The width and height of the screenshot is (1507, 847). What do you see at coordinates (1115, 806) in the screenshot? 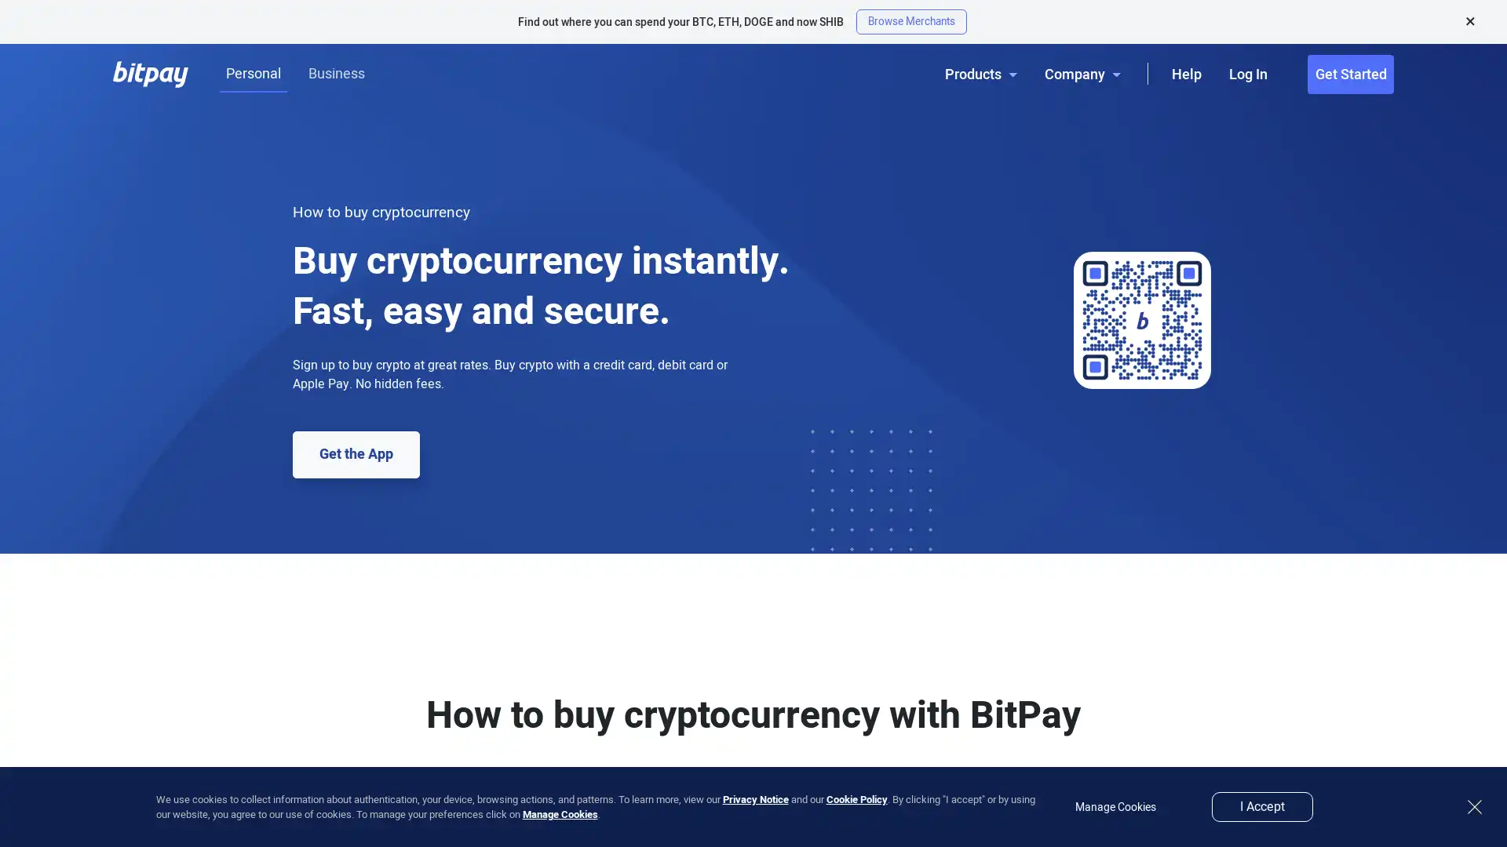
I see `Manage Cookies` at bounding box center [1115, 806].